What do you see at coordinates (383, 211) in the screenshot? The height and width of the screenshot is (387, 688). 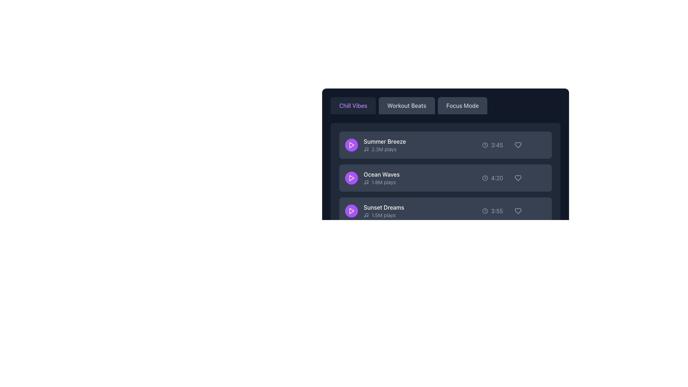 I see `displayed information of the Text label titled 'Sunset Dreams' with the play count '1.5M plays' located in the 'Chill Vibes' section` at bounding box center [383, 211].